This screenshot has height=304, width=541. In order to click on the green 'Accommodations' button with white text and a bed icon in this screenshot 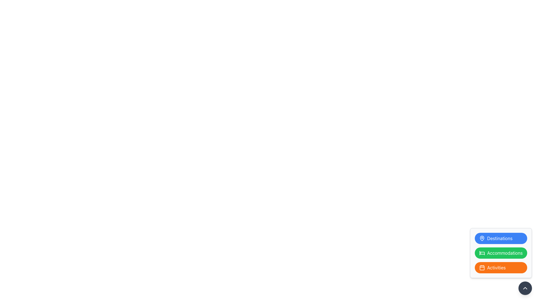, I will do `click(501, 252)`.